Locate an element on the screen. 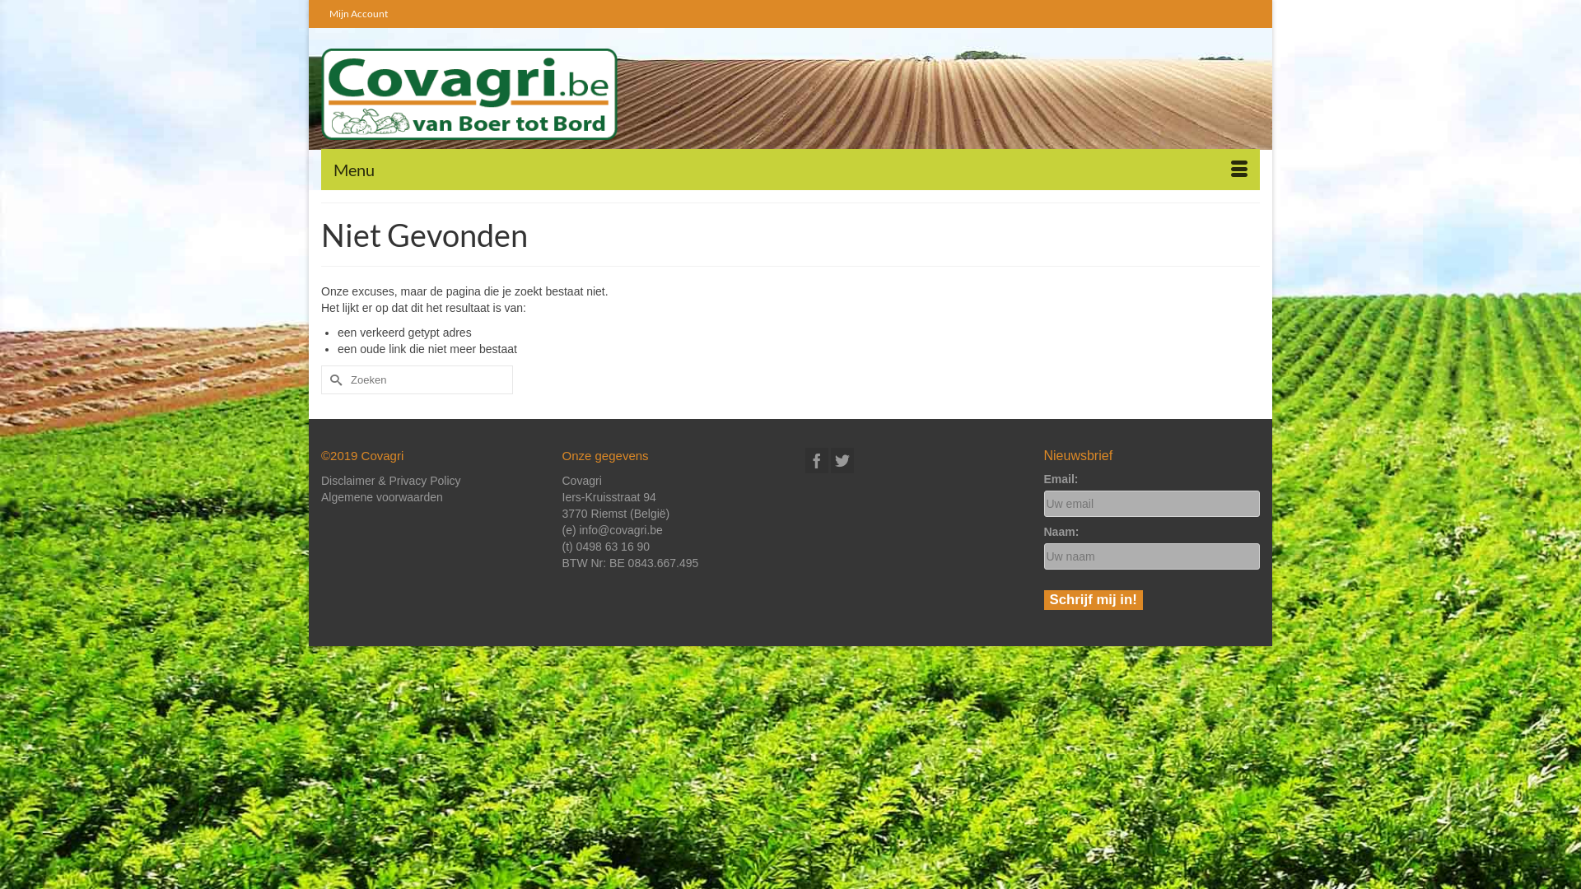 This screenshot has width=1581, height=889. 'Algemene voorwaarden' is located at coordinates (320, 496).